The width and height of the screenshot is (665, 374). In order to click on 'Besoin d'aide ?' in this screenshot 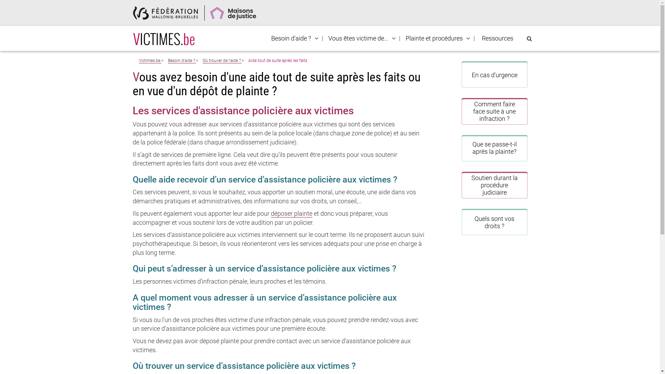, I will do `click(291, 38)`.